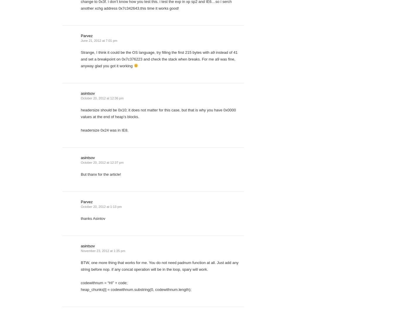 This screenshot has height=314, width=400. Describe the element at coordinates (136, 289) in the screenshot. I see `'heap_chunks[i] = codewithnum.substring(0, codewithnum.length);'` at that location.